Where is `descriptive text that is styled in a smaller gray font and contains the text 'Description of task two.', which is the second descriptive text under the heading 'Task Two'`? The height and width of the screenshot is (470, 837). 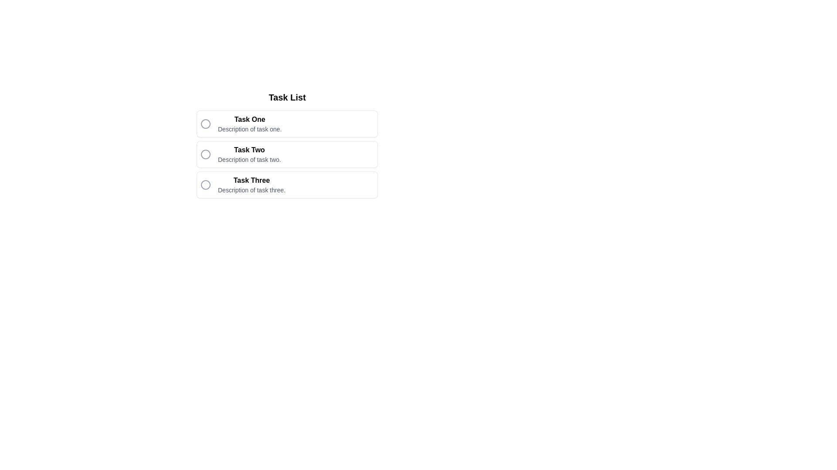 descriptive text that is styled in a smaller gray font and contains the text 'Description of task two.', which is the second descriptive text under the heading 'Task Two' is located at coordinates (249, 159).